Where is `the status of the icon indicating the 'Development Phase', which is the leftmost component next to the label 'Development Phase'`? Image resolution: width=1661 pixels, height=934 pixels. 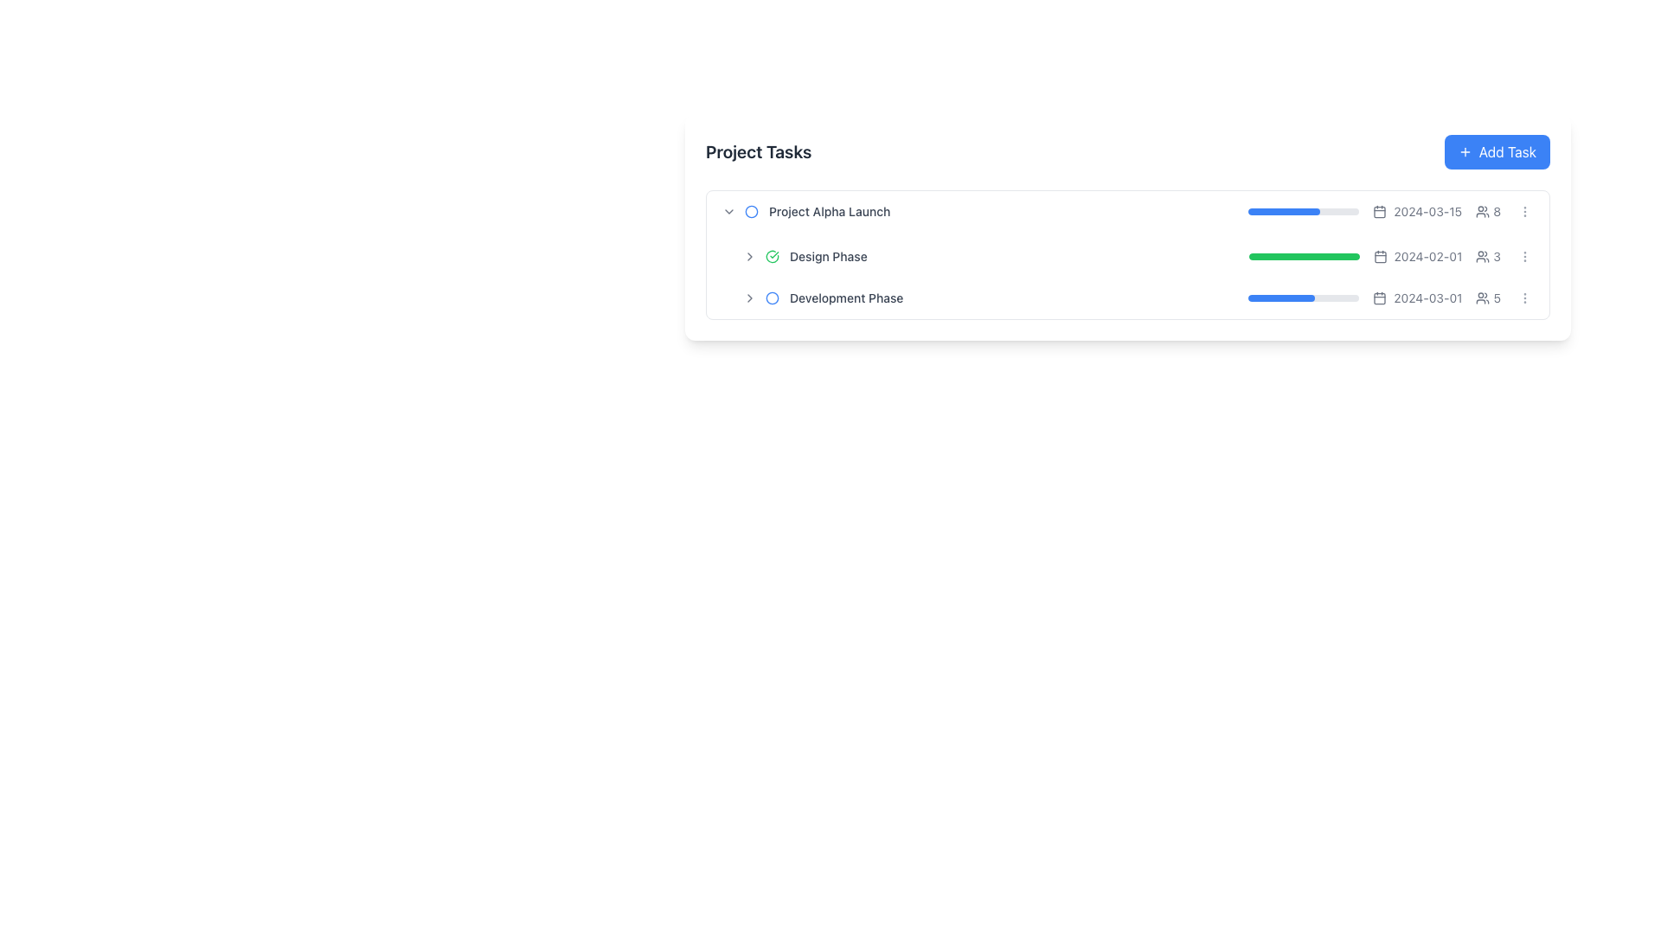
the status of the icon indicating the 'Development Phase', which is the leftmost component next to the label 'Development Phase' is located at coordinates (771, 297).